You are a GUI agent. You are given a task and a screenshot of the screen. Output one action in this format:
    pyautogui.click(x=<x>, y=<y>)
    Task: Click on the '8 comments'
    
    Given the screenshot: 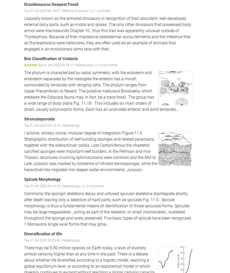 What is the action you would take?
    pyautogui.click(x=108, y=65)
    